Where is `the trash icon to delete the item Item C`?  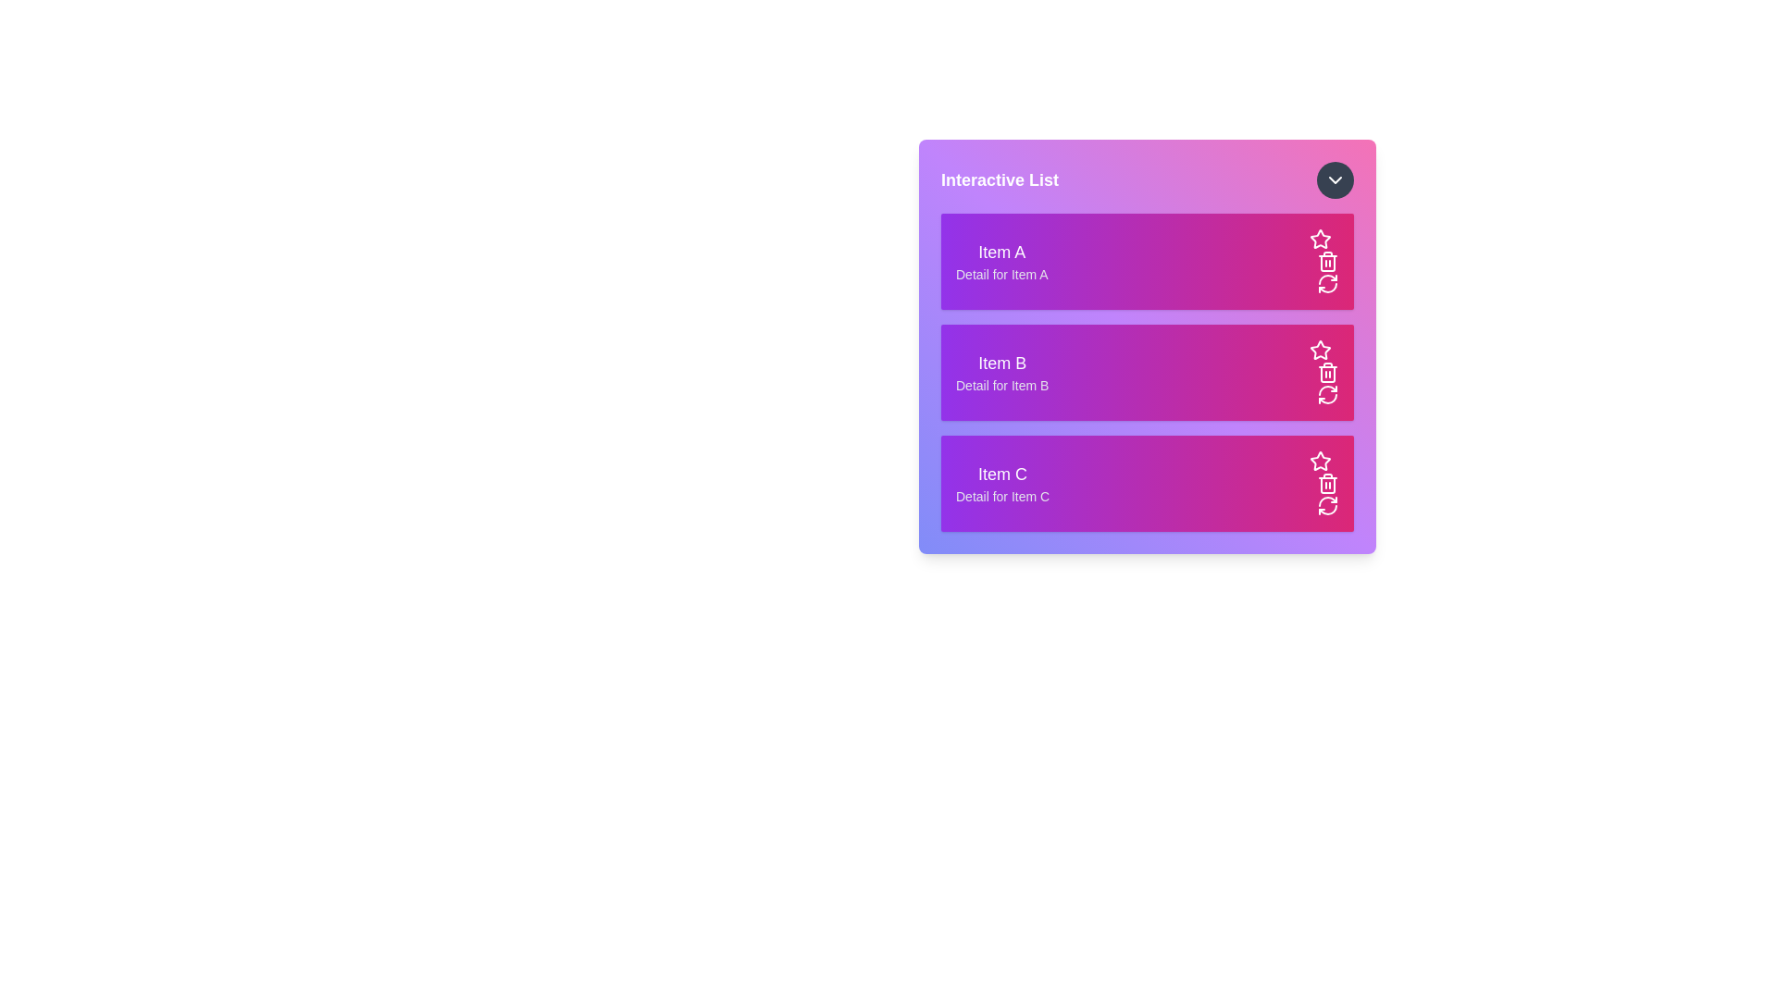
the trash icon to delete the item Item C is located at coordinates (1327, 483).